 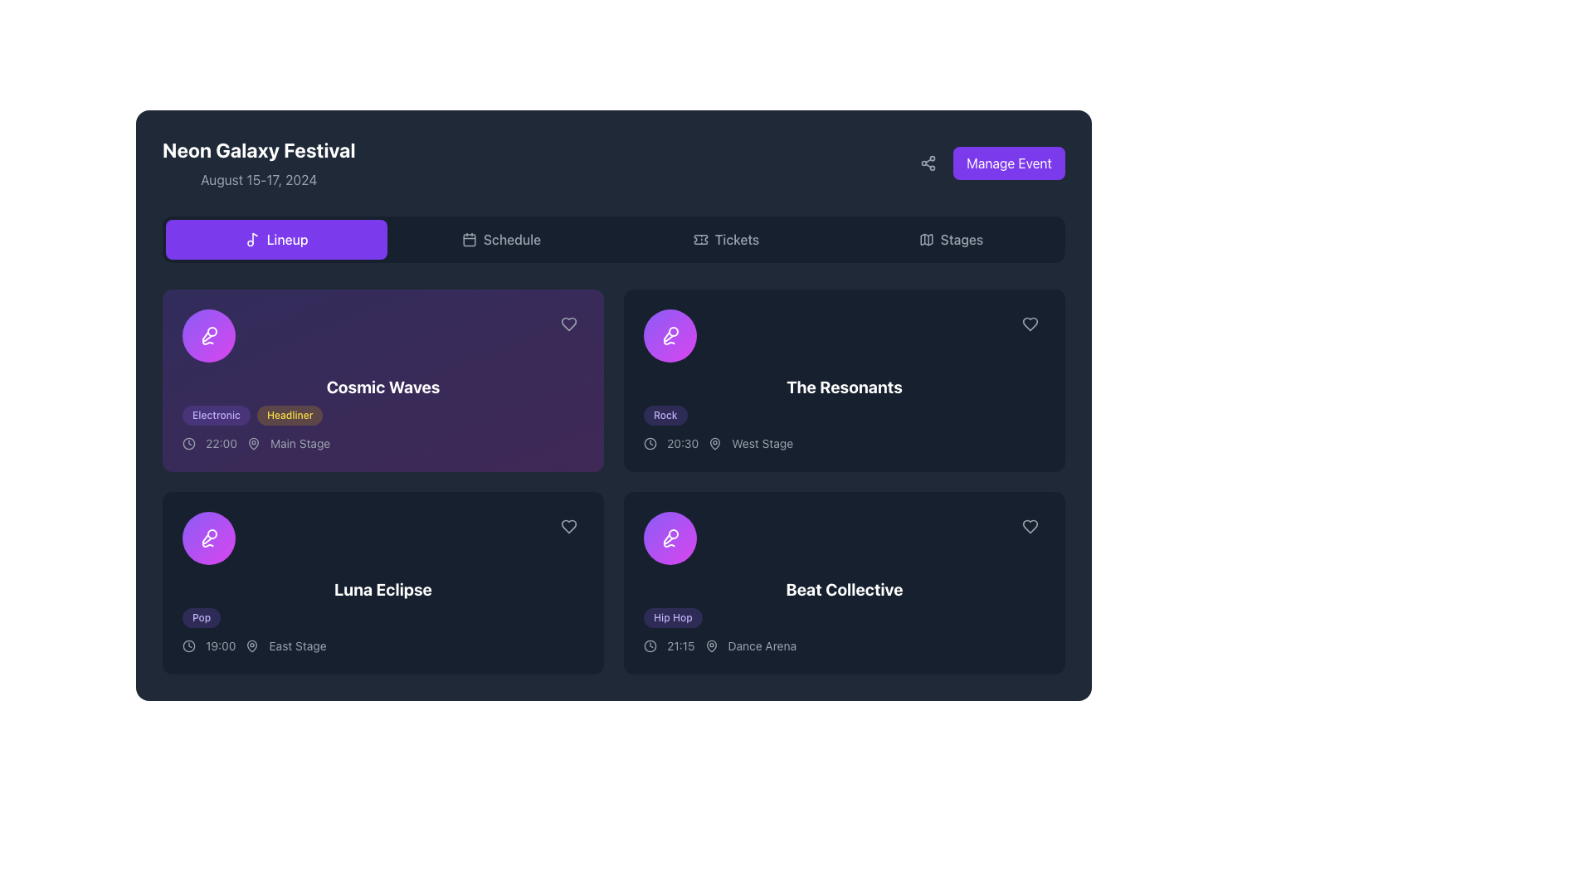 I want to click on text content displayed as '20:30' in light gray on a dark background, located on the event card for 'The Resonants', positioned to the left of the stage label 'West Stage', so click(x=683, y=443).